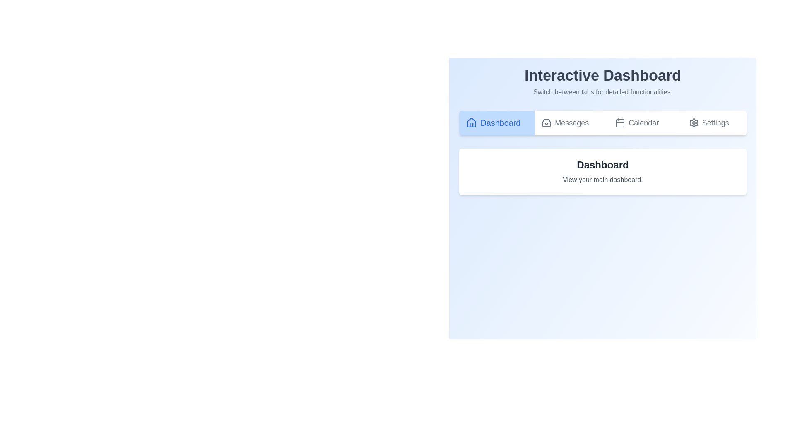 The height and width of the screenshot is (447, 795). What do you see at coordinates (643, 123) in the screenshot?
I see `the 'Calendar' text label located in the horizontal navigation bar, positioned between 'Messages' and 'Settings'` at bounding box center [643, 123].